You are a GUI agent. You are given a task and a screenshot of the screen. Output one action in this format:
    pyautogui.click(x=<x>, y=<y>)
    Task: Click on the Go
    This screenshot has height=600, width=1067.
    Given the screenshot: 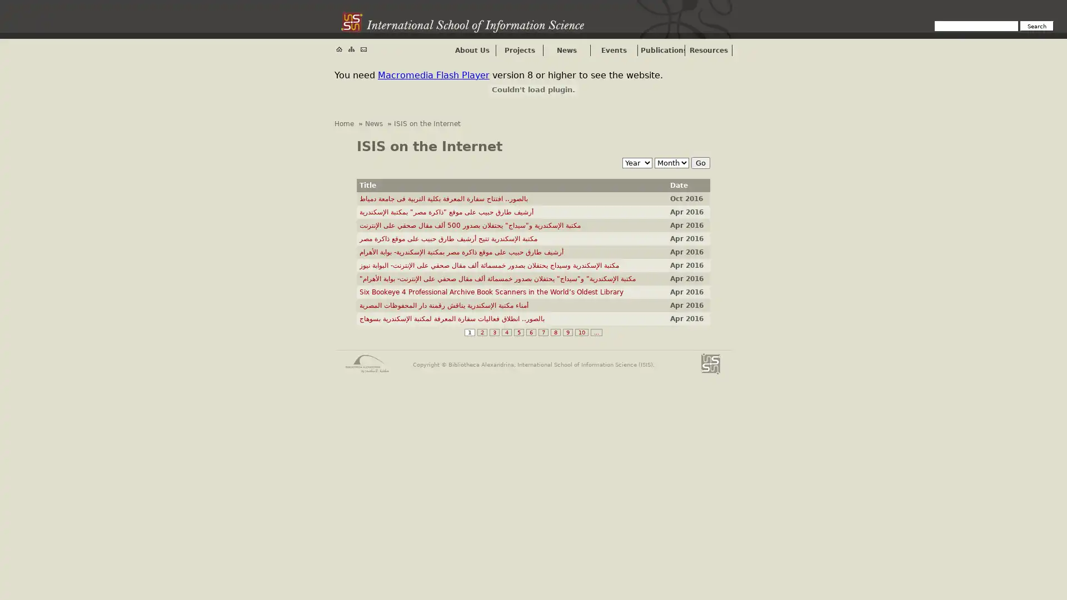 What is the action you would take?
    pyautogui.click(x=700, y=163)
    